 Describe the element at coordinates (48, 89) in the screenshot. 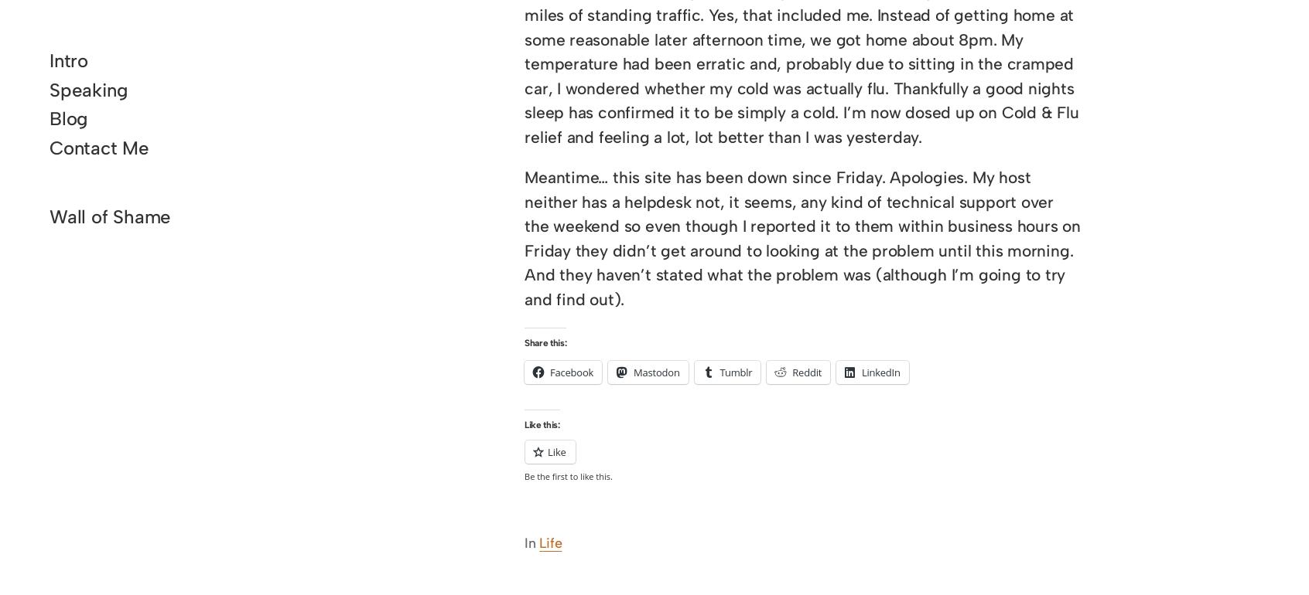

I see `'Speaking'` at that location.